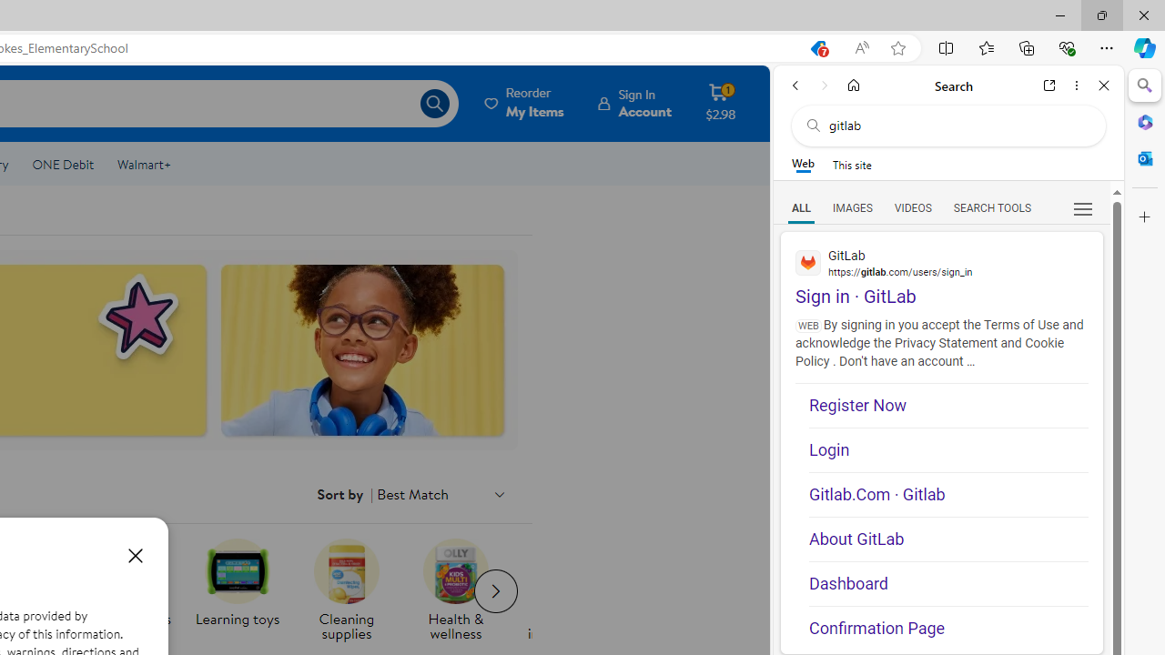 The image size is (1165, 655). I want to click on 'This site scope', so click(851, 164).